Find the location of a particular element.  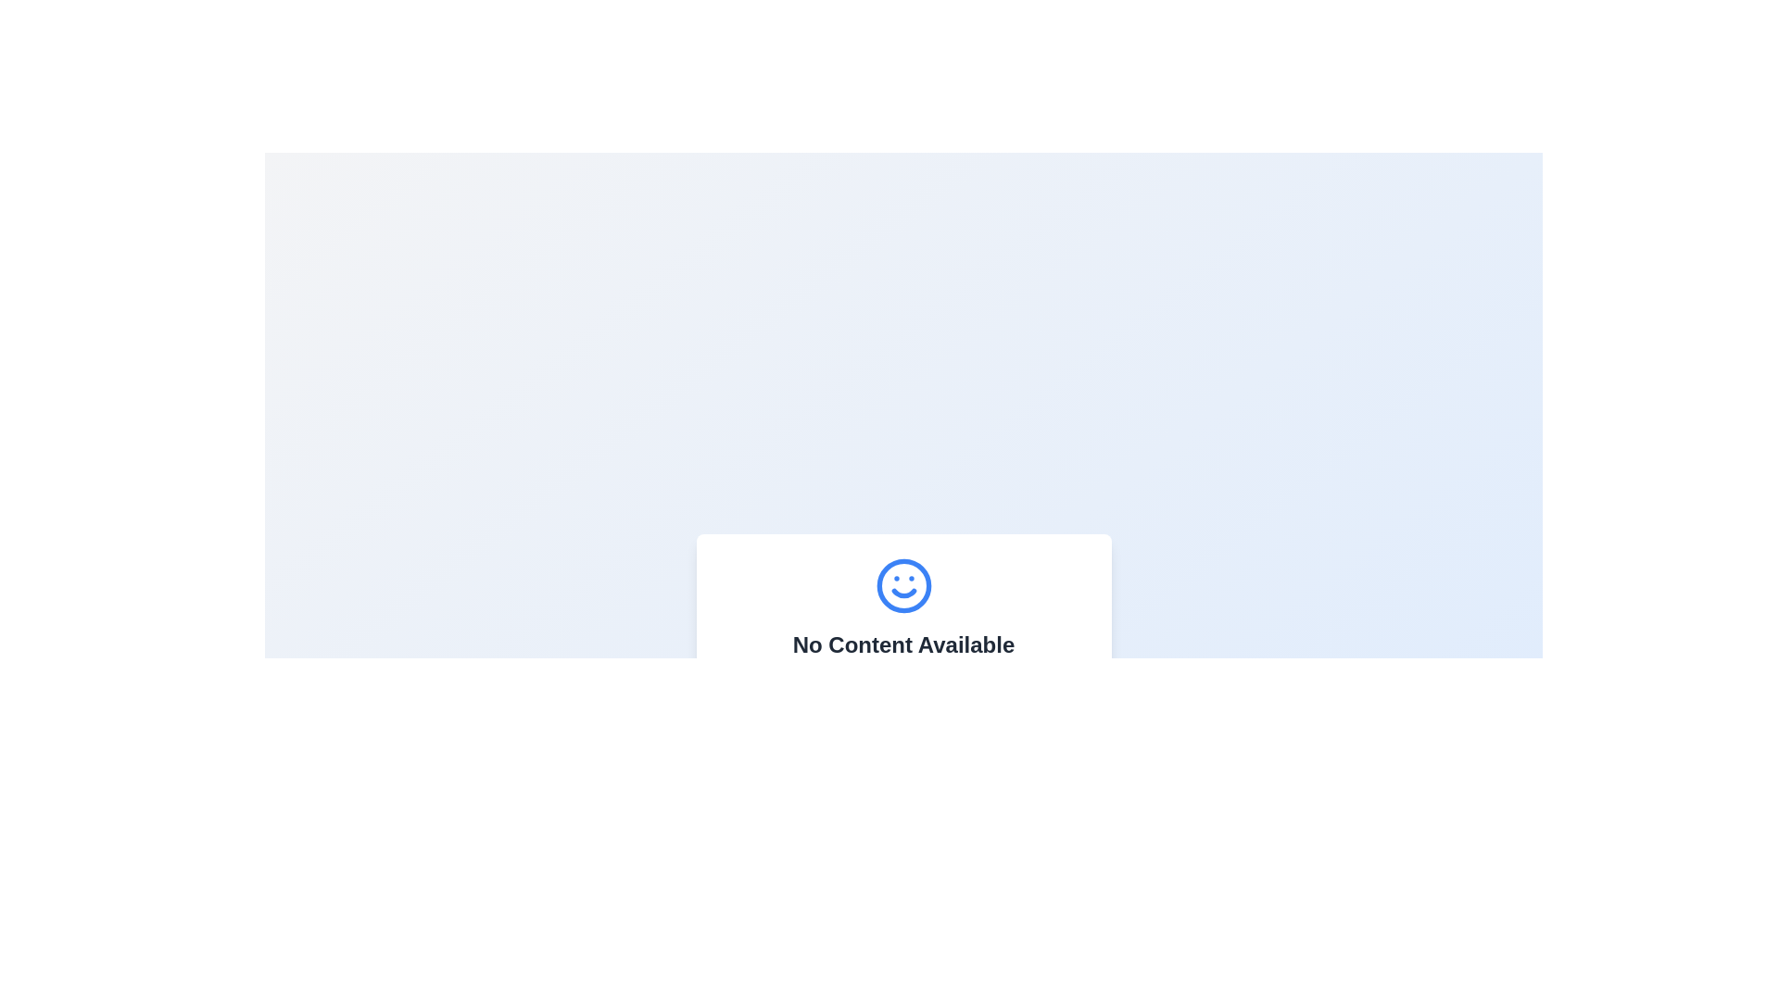

the informational message box that indicates no content is available and prompts the user to add new items to the library is located at coordinates (903, 652).